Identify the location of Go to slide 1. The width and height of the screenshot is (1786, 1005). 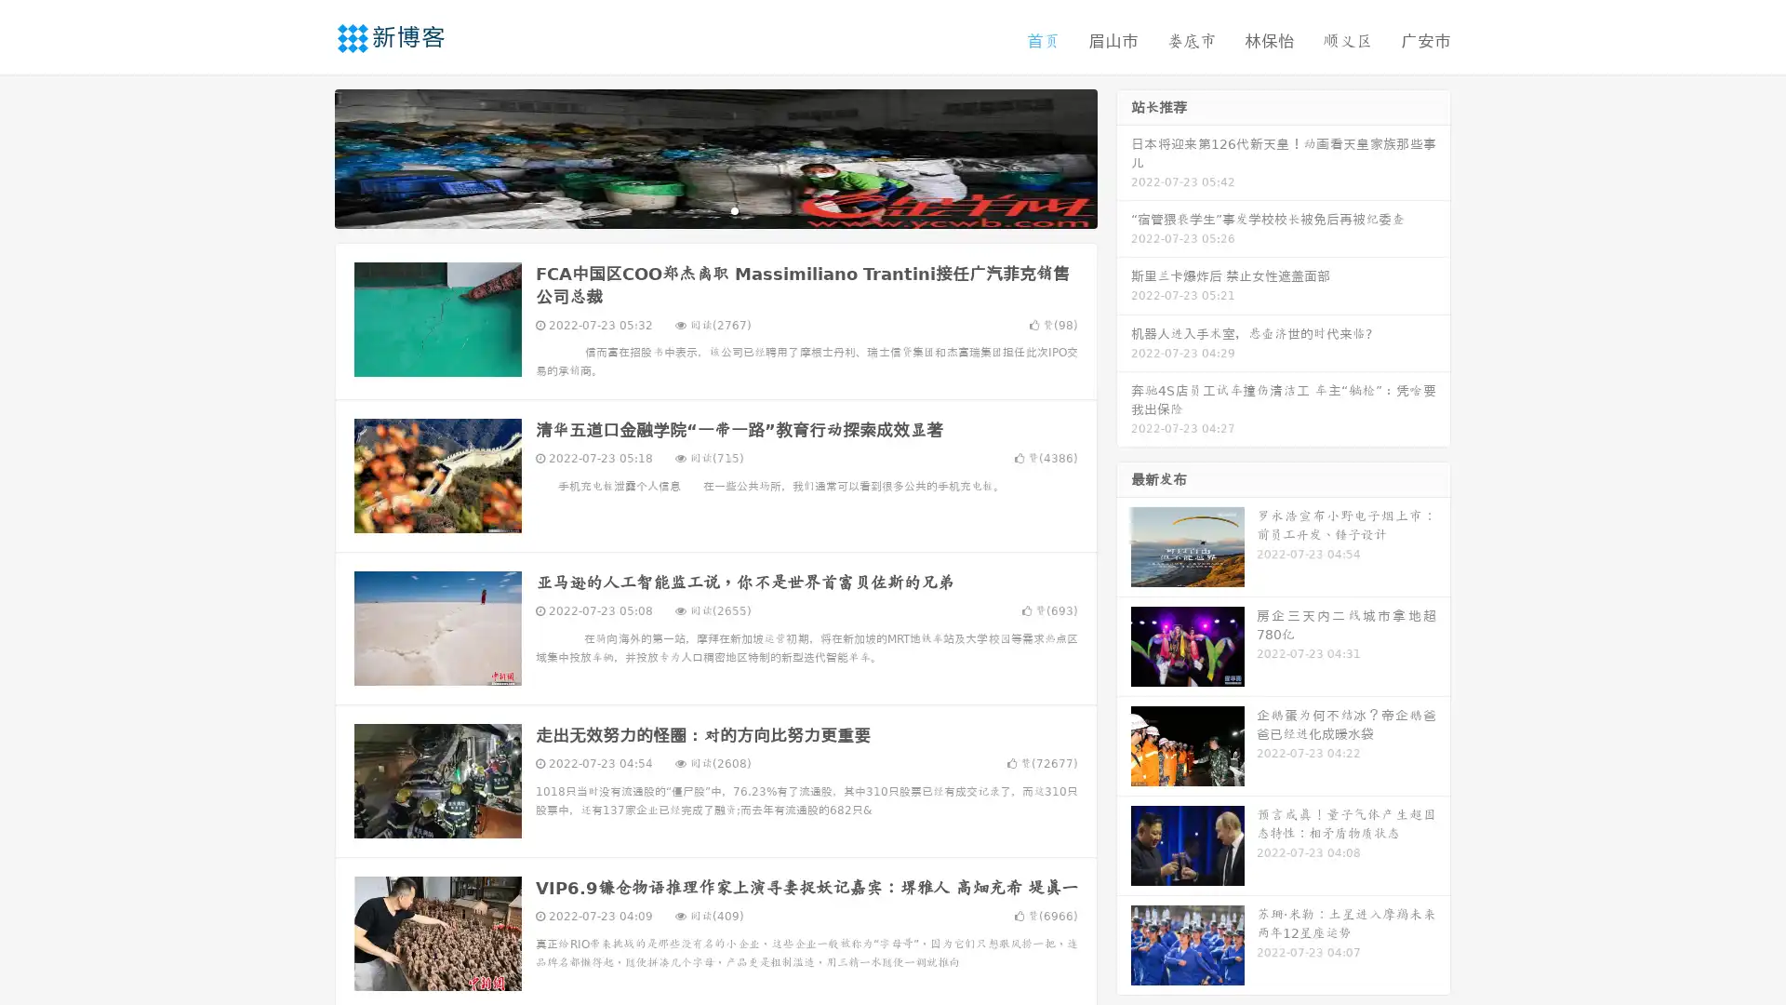
(696, 209).